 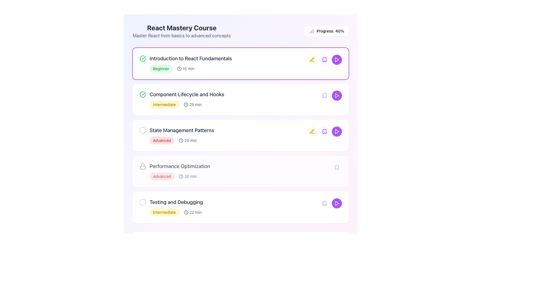 What do you see at coordinates (312, 59) in the screenshot?
I see `the pen icon button with a yellow background, located to the right of the text 'Introduction to React Fundamentals' and before the bookmark icon` at bounding box center [312, 59].